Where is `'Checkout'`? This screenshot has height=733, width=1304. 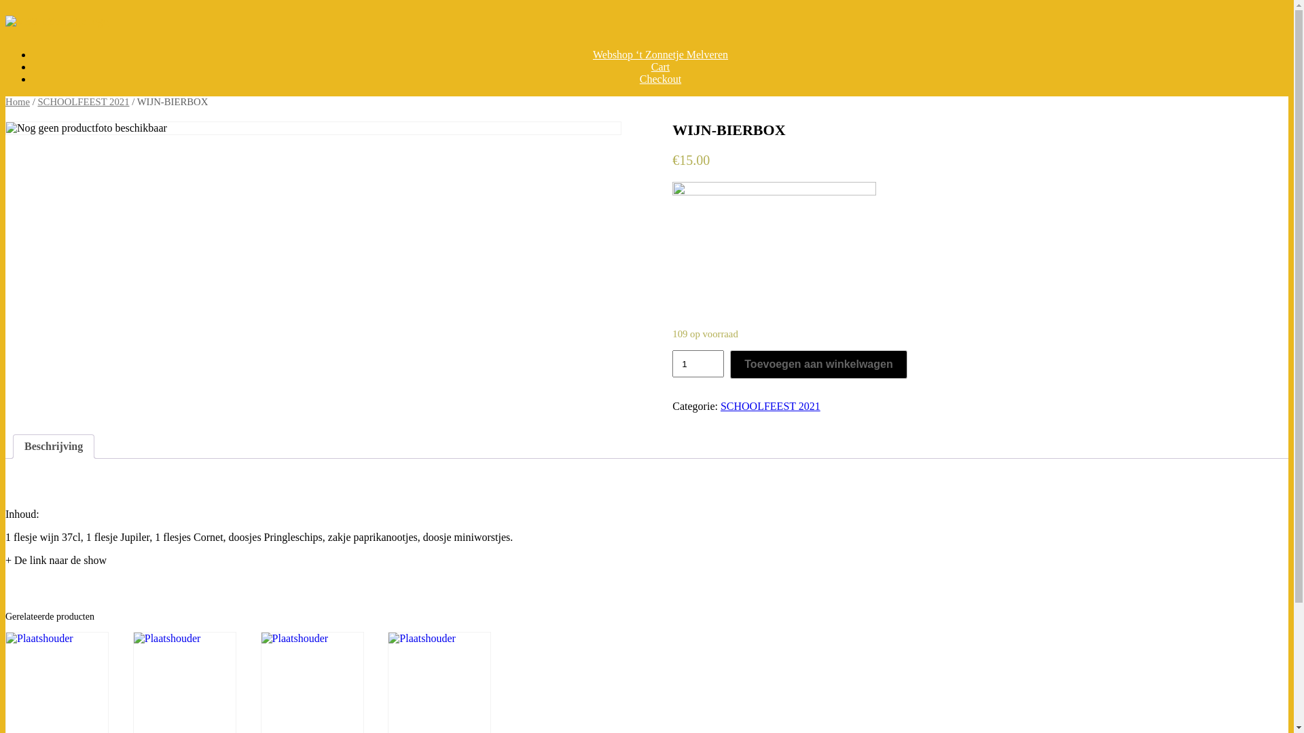 'Checkout' is located at coordinates (660, 79).